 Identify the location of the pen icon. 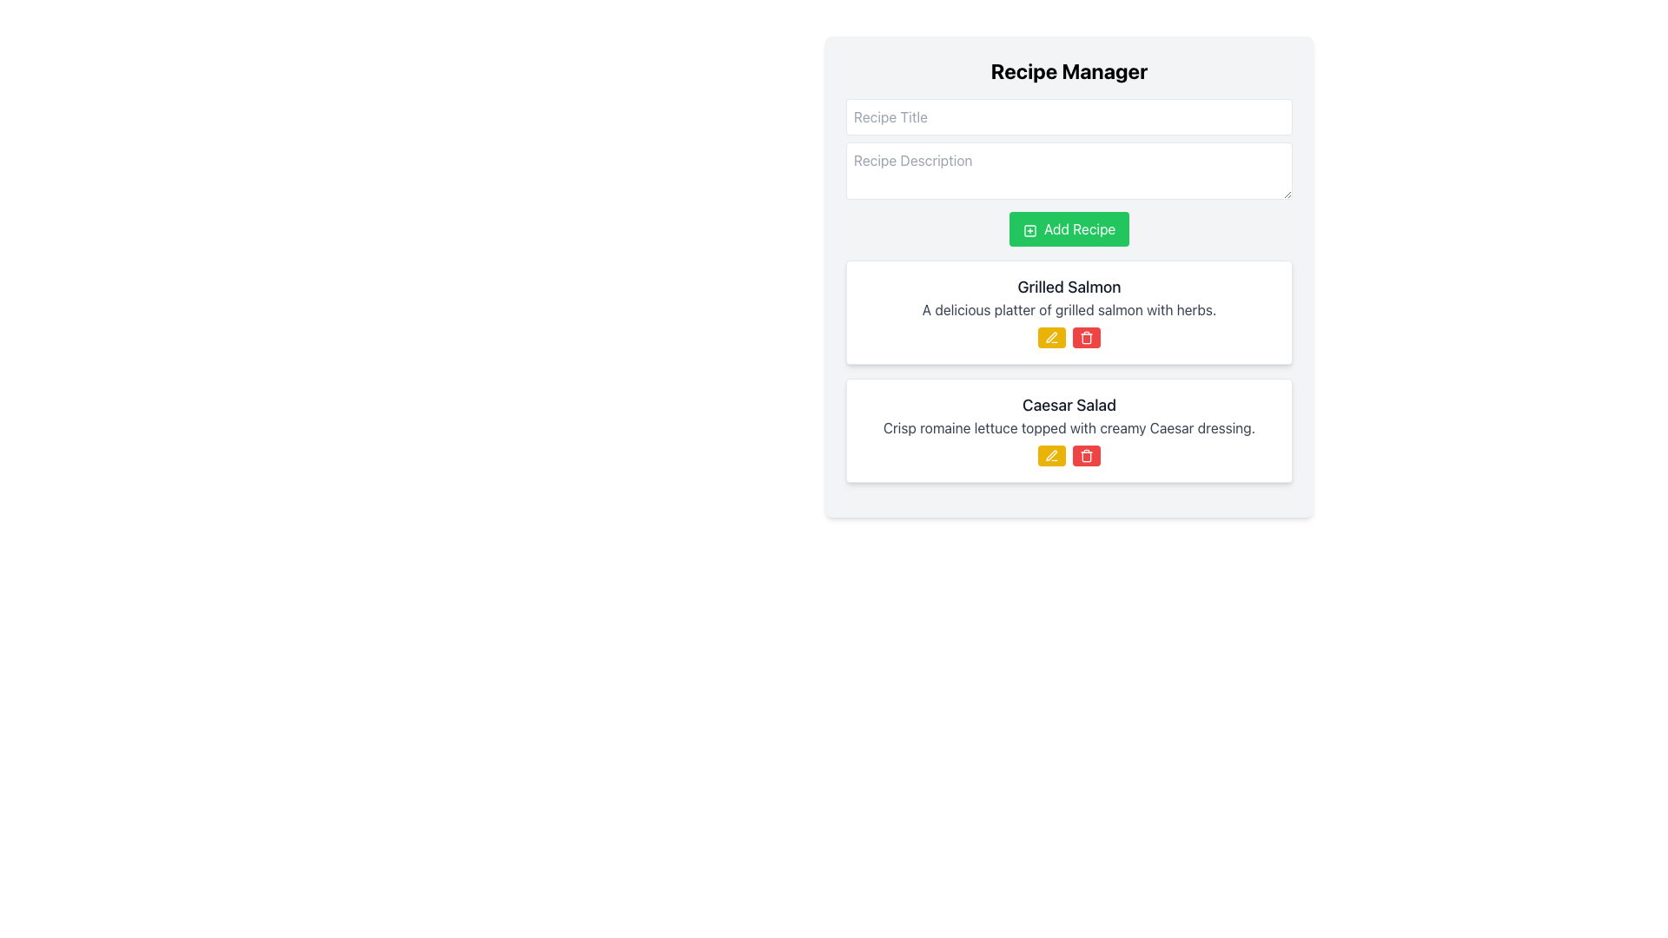
(1049, 454).